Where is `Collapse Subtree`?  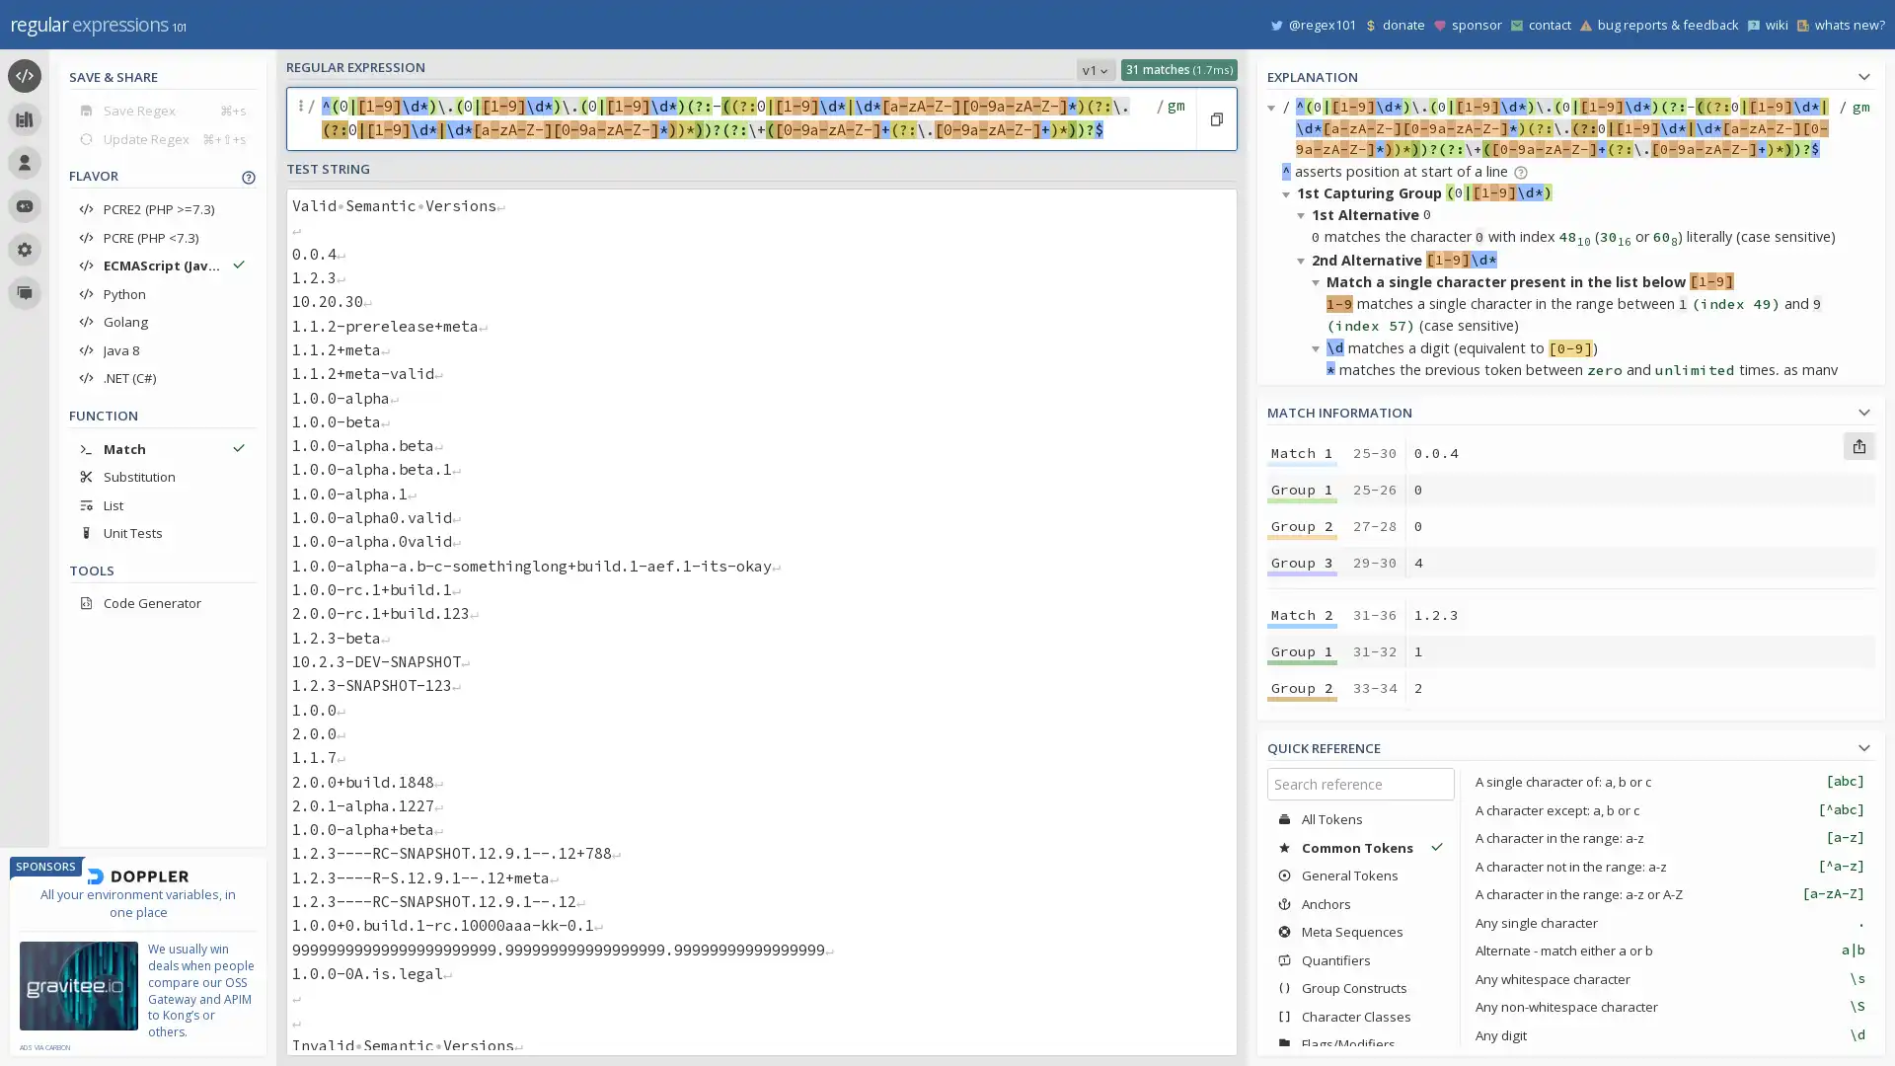 Collapse Subtree is located at coordinates (1319, 838).